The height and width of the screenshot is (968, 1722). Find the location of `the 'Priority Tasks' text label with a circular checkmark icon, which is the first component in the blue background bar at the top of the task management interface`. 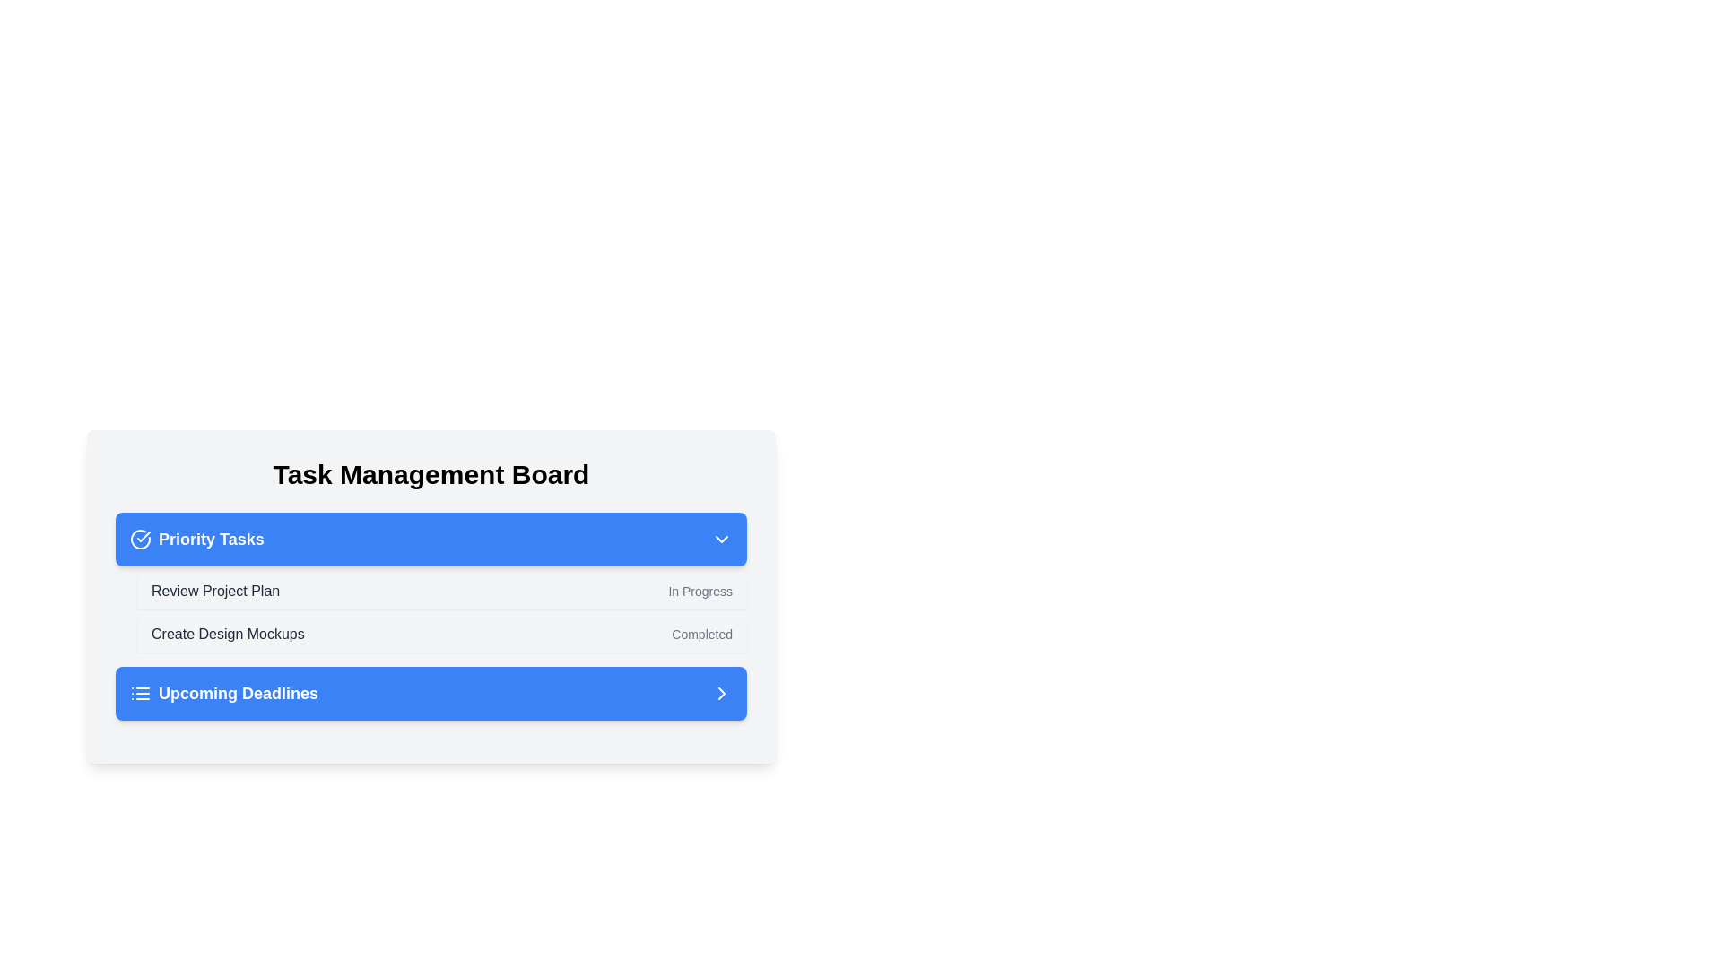

the 'Priority Tasks' text label with a circular checkmark icon, which is the first component in the blue background bar at the top of the task management interface is located at coordinates (196, 538).